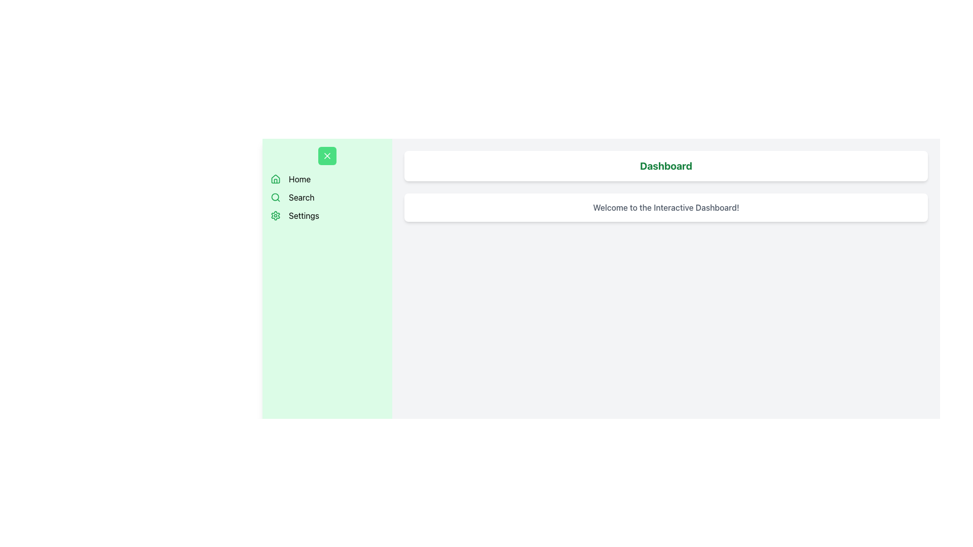 This screenshot has height=547, width=973. What do you see at coordinates (275, 178) in the screenshot?
I see `the navigation icon for the 'Home' section` at bounding box center [275, 178].